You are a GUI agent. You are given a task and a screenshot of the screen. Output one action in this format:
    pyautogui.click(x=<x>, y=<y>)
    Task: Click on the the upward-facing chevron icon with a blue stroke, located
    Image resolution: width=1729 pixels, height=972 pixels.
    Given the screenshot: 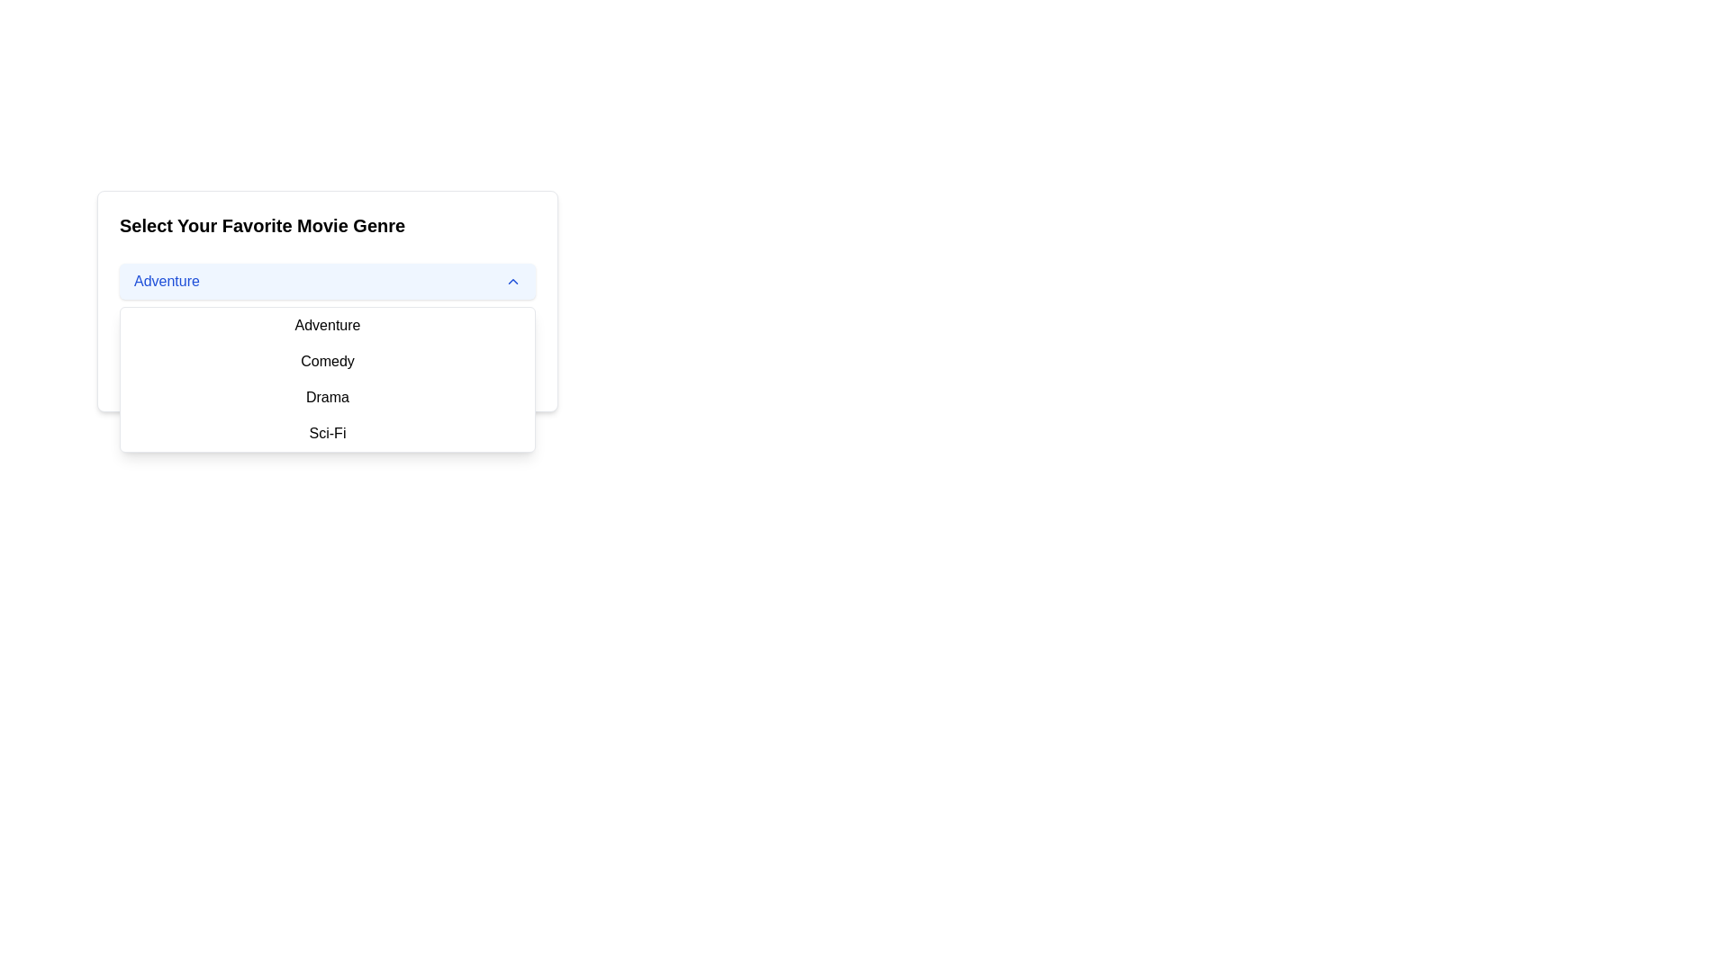 What is the action you would take?
    pyautogui.click(x=512, y=281)
    